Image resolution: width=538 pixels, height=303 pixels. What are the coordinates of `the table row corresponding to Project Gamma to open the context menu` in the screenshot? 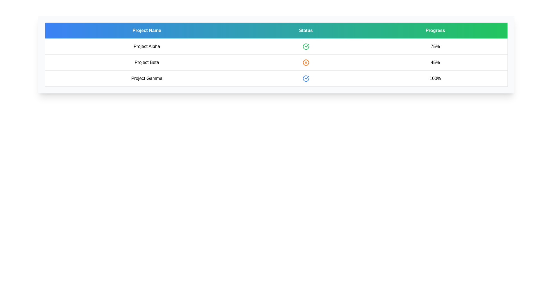 It's located at (276, 79).